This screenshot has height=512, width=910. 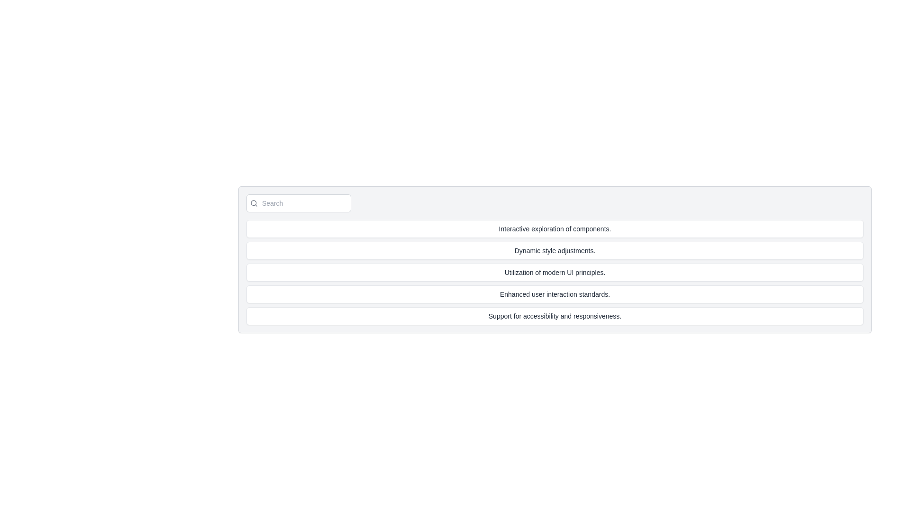 What do you see at coordinates (580, 294) in the screenshot?
I see `the letter 's' in the word 'standards' which is the last character of the sentence 'Enhanced user interaction standards.'` at bounding box center [580, 294].